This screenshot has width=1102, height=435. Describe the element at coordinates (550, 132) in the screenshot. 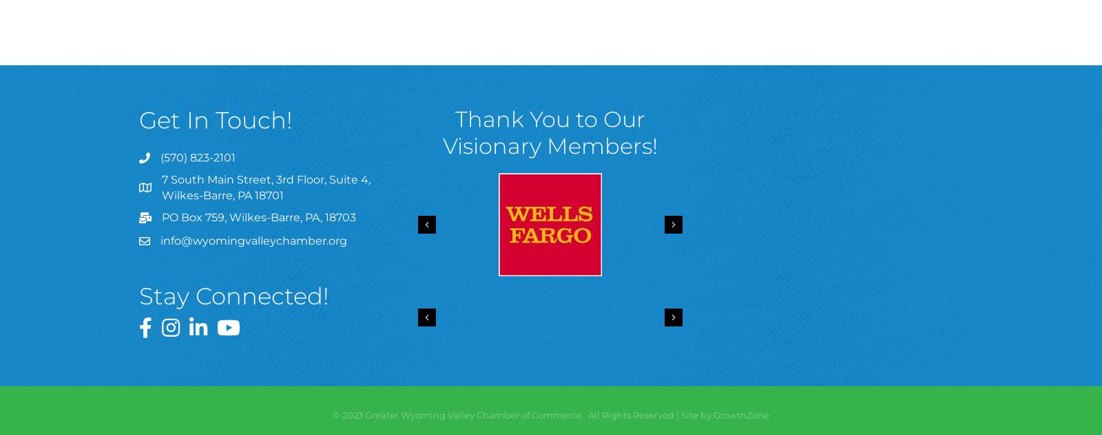

I see `'Thank You to Our Visionary Members!'` at that location.